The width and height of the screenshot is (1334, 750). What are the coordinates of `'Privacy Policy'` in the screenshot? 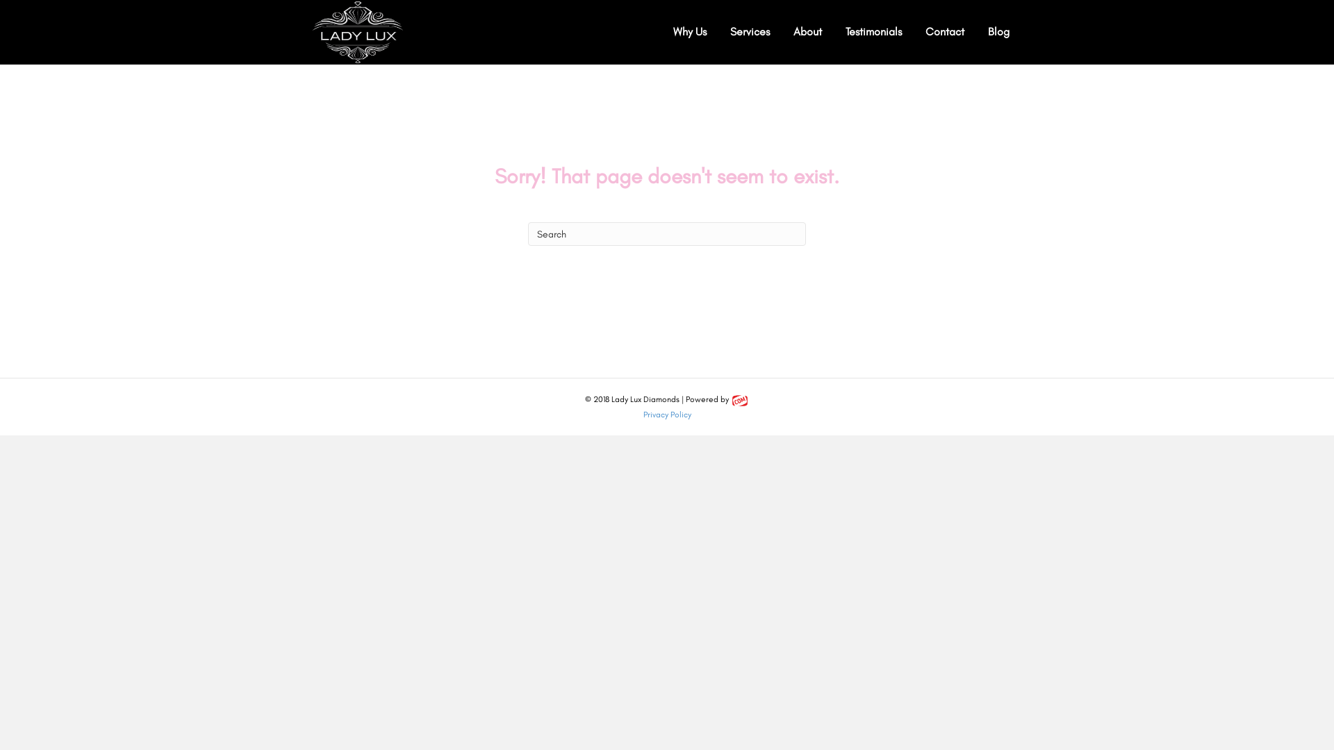 It's located at (667, 414).